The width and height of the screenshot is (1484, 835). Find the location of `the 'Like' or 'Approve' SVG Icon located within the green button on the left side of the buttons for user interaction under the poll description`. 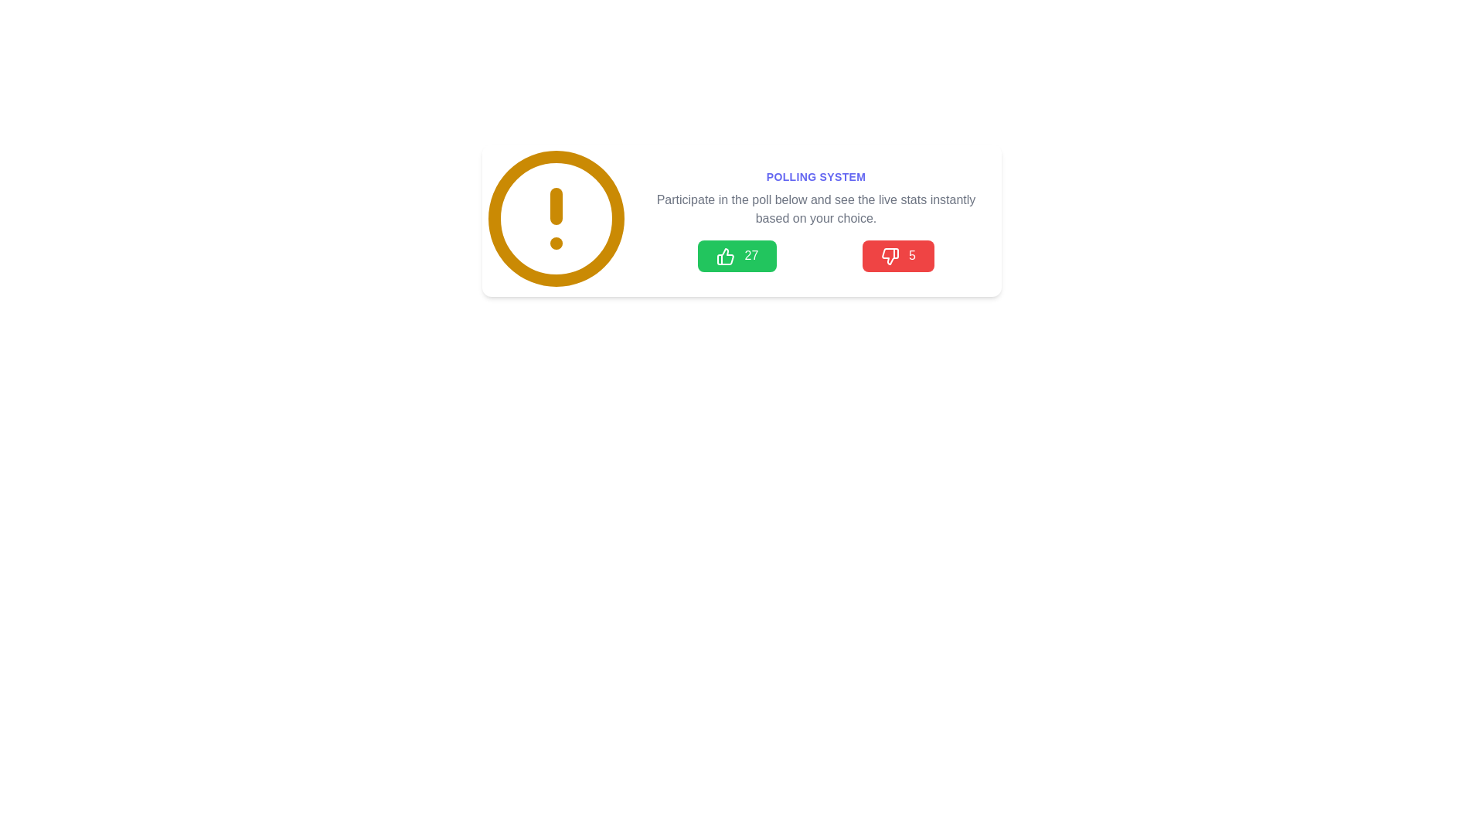

the 'Like' or 'Approve' SVG Icon located within the green button on the left side of the buttons for user interaction under the poll description is located at coordinates (725, 255).